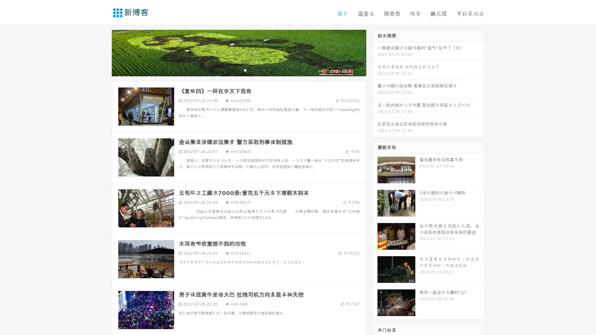 The image size is (596, 335). I want to click on Go to slide 2, so click(238, 70).